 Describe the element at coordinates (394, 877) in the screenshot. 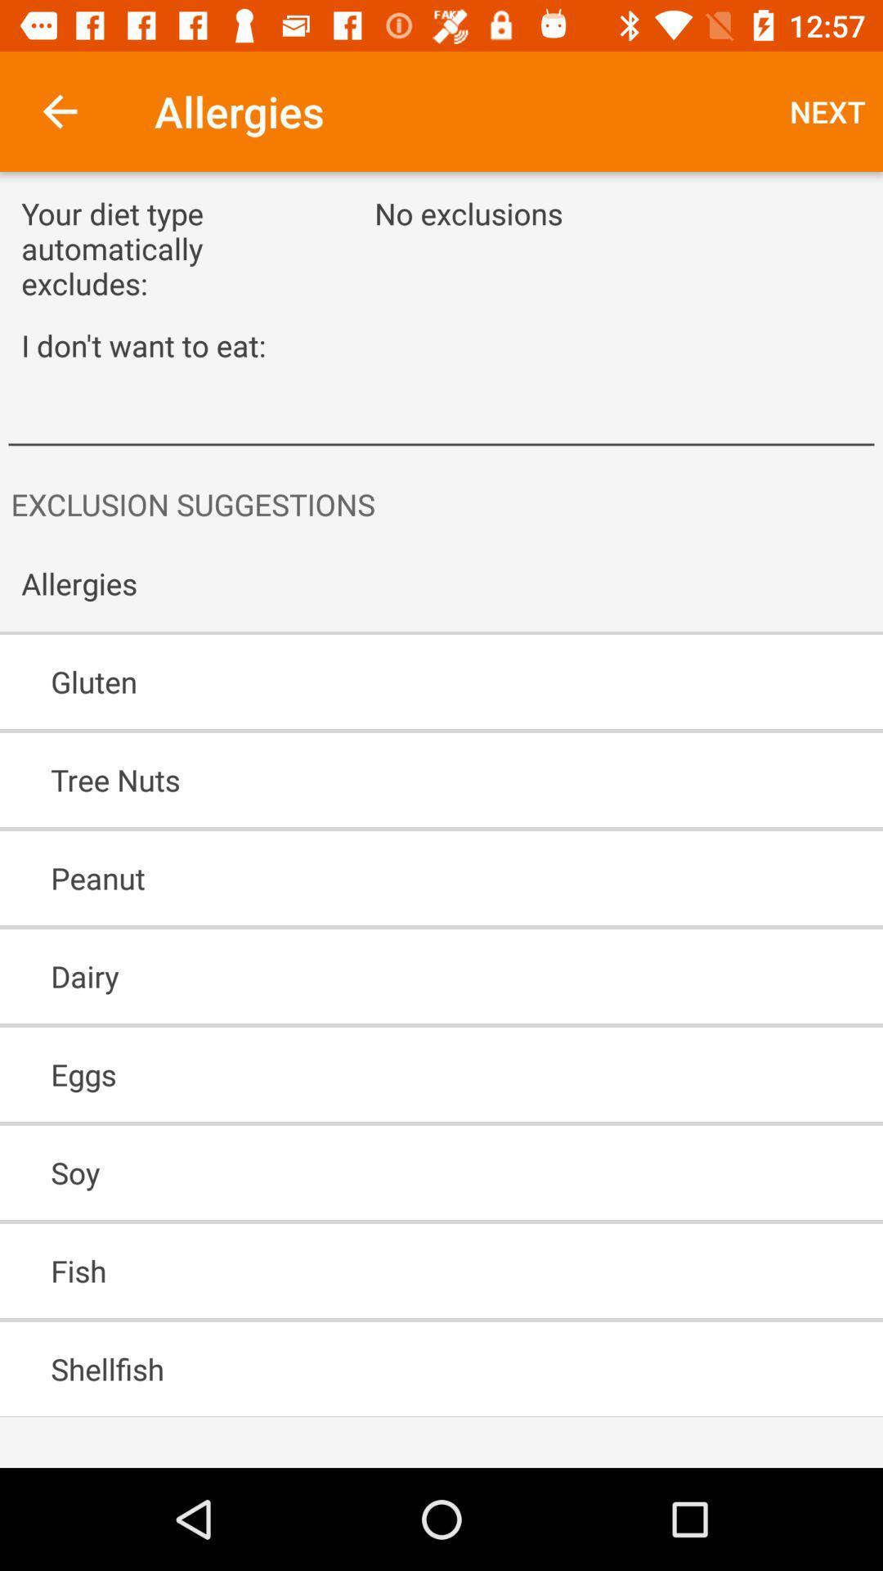

I see `the     peanut icon` at that location.